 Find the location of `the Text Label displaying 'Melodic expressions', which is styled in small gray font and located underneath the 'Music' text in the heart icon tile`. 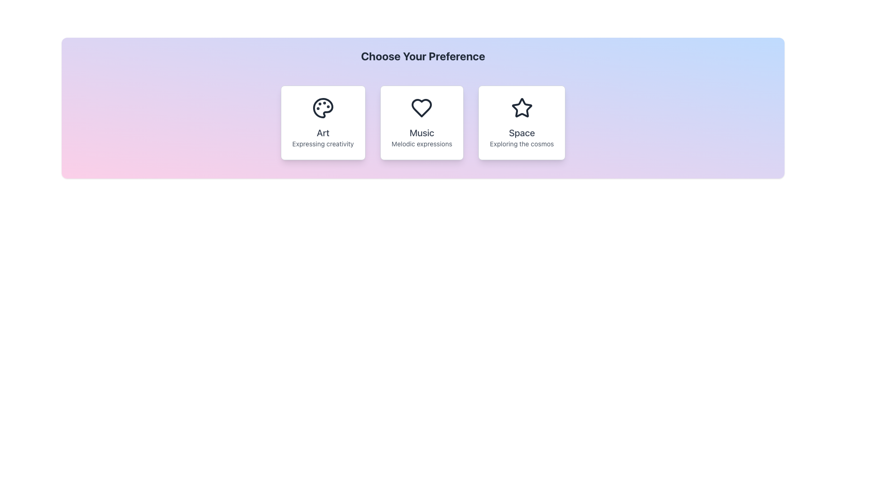

the Text Label displaying 'Melodic expressions', which is styled in small gray font and located underneath the 'Music' text in the heart icon tile is located at coordinates (421, 144).